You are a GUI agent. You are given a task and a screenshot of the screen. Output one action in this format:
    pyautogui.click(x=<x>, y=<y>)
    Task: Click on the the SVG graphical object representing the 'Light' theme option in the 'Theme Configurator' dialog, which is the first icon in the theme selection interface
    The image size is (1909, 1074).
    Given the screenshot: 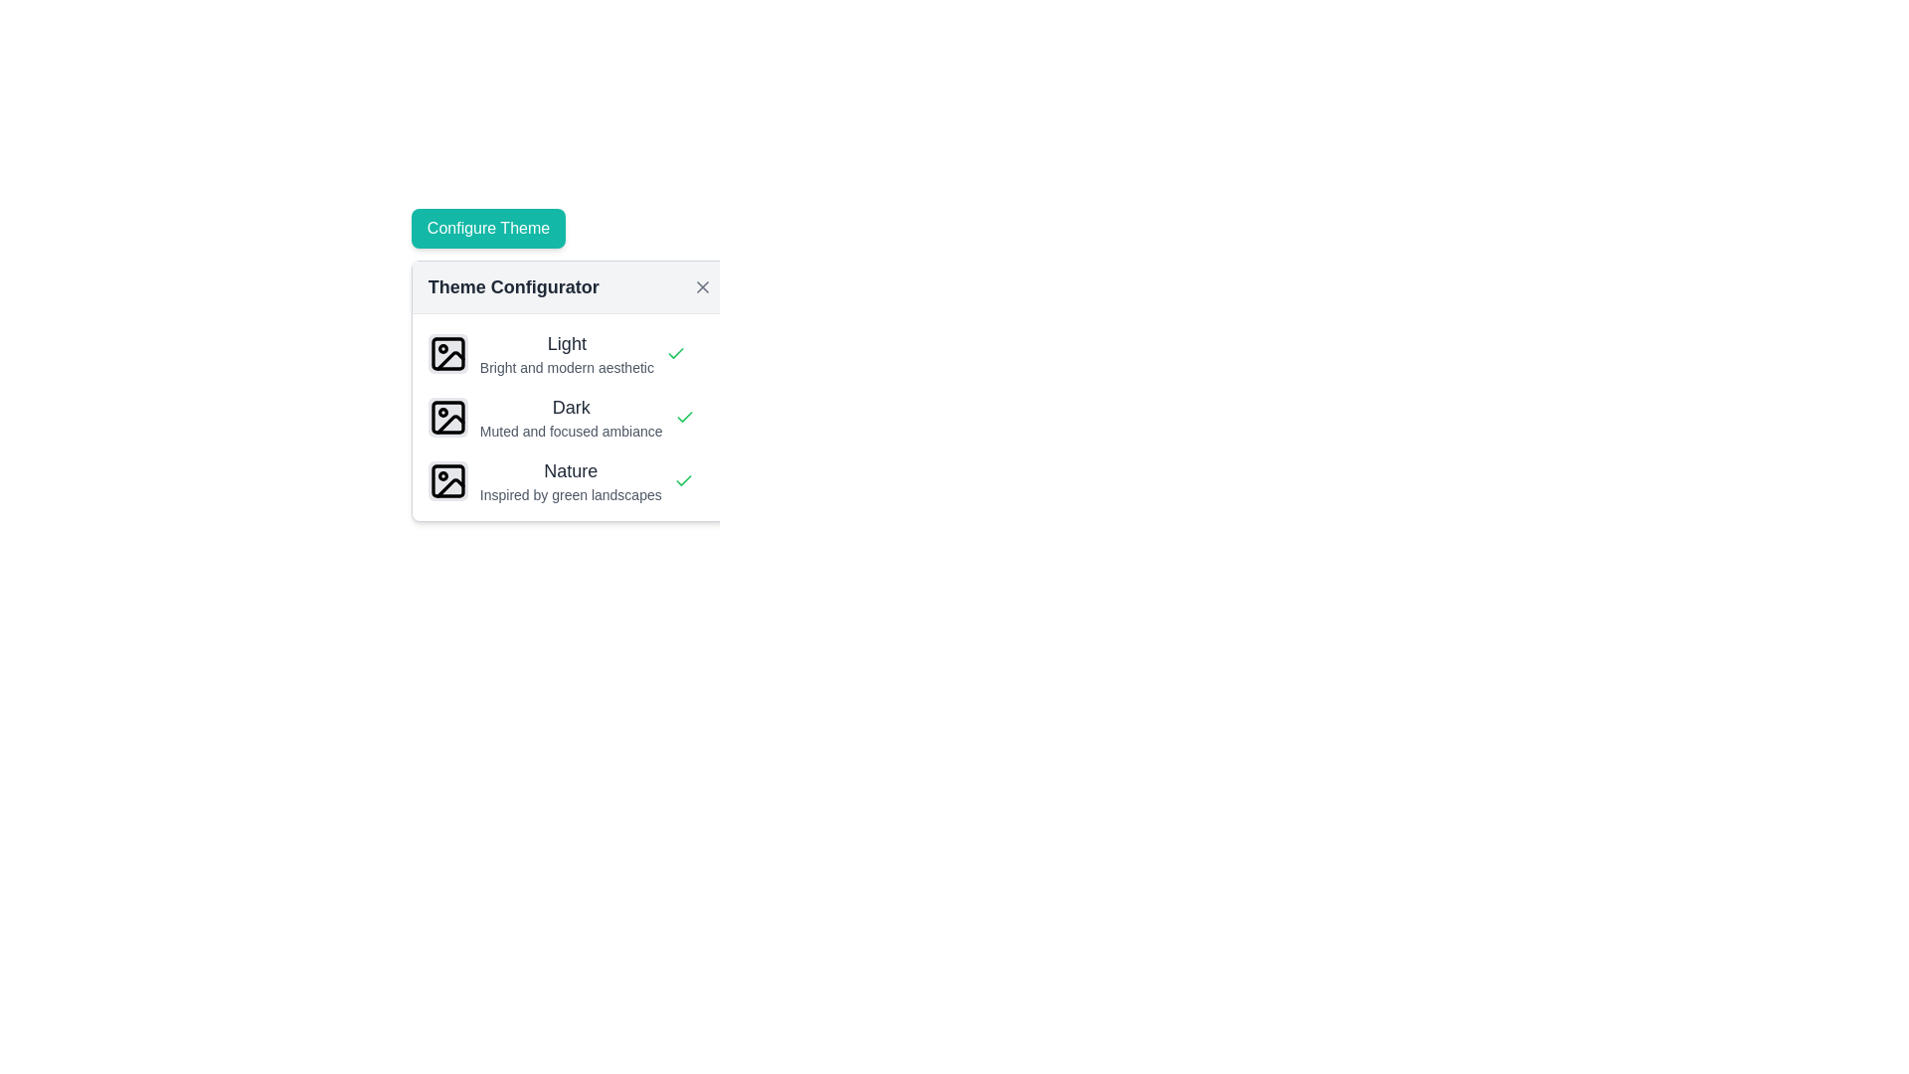 What is the action you would take?
    pyautogui.click(x=446, y=352)
    